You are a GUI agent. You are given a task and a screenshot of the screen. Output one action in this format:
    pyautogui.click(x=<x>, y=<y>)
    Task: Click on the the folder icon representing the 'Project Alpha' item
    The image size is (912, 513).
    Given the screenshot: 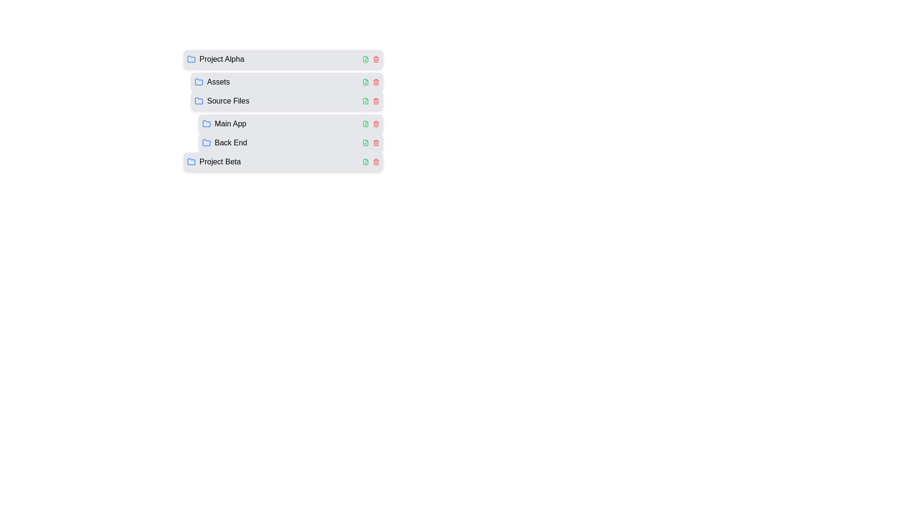 What is the action you would take?
    pyautogui.click(x=191, y=59)
    